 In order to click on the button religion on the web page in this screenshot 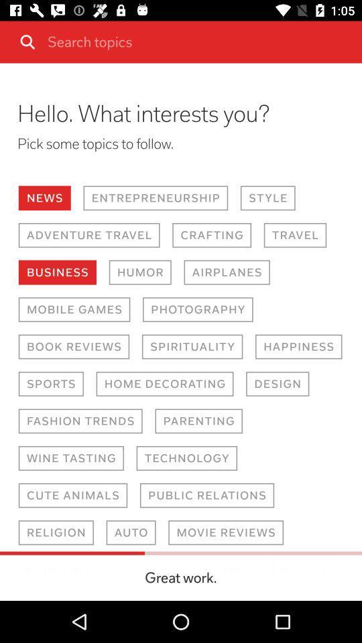, I will do `click(131, 532)`.